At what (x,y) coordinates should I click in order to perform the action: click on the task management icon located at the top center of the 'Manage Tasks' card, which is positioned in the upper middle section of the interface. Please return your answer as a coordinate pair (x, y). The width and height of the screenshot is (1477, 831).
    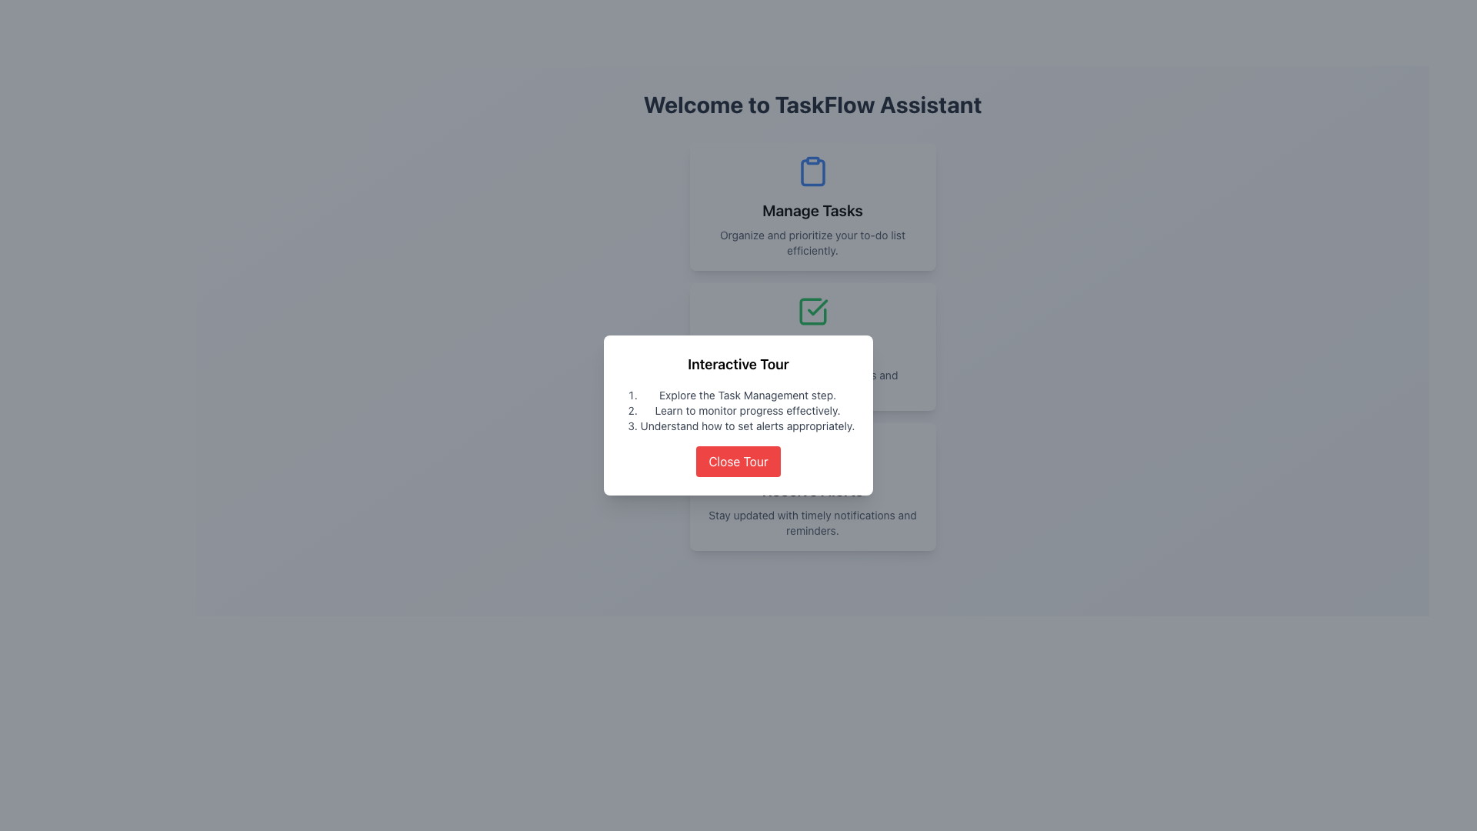
    Looking at the image, I should click on (812, 172).